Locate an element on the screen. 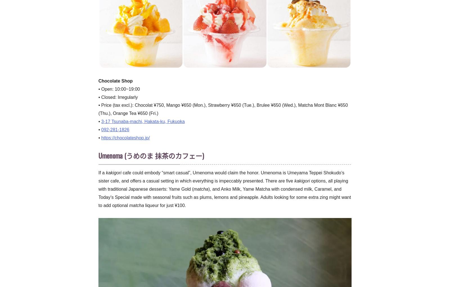  'Umenoma (うめのま 抹茶のカフェー)' is located at coordinates (151, 155).